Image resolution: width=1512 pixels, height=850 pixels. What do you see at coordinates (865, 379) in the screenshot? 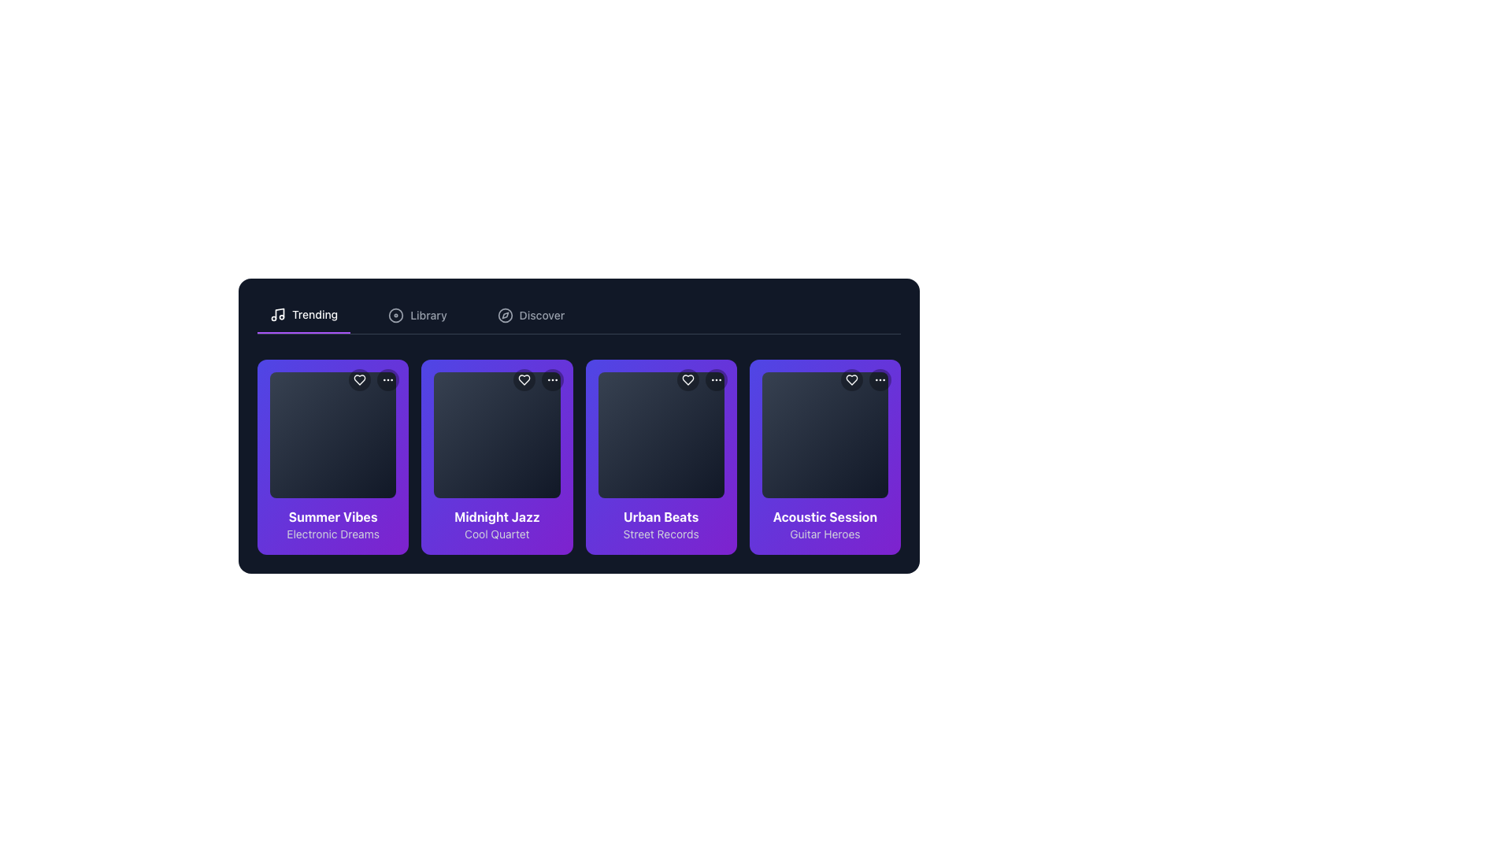
I see `the heart icon in the top-right corner of the 'Acoustic Session' card to like the card` at bounding box center [865, 379].